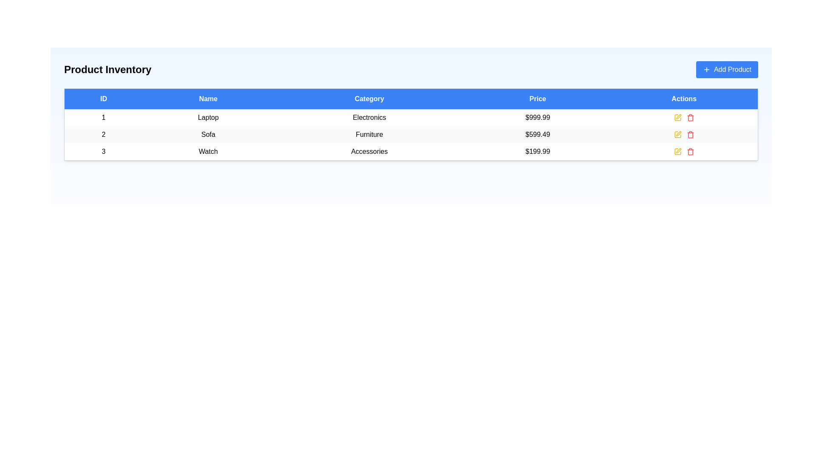 This screenshot has width=816, height=459. What do you see at coordinates (411, 118) in the screenshot?
I see `on the first product entry row in the table` at bounding box center [411, 118].